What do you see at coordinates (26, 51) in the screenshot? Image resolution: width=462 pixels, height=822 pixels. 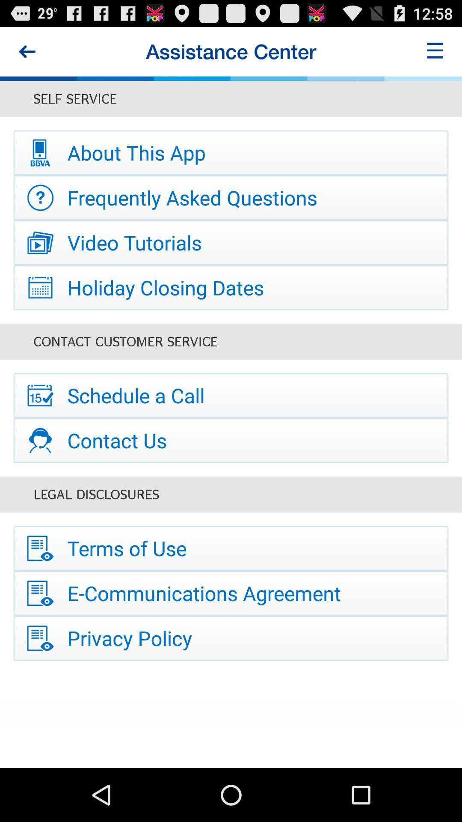 I see `previous` at bounding box center [26, 51].